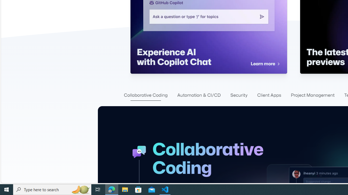  I want to click on 'Client Apps', so click(269, 95).